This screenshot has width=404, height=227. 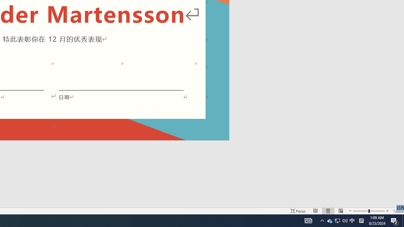 What do you see at coordinates (369, 211) in the screenshot?
I see `'Zoom'` at bounding box center [369, 211].